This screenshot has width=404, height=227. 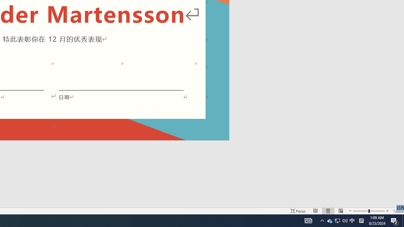 What do you see at coordinates (369, 211) in the screenshot?
I see `'Zoom'` at bounding box center [369, 211].